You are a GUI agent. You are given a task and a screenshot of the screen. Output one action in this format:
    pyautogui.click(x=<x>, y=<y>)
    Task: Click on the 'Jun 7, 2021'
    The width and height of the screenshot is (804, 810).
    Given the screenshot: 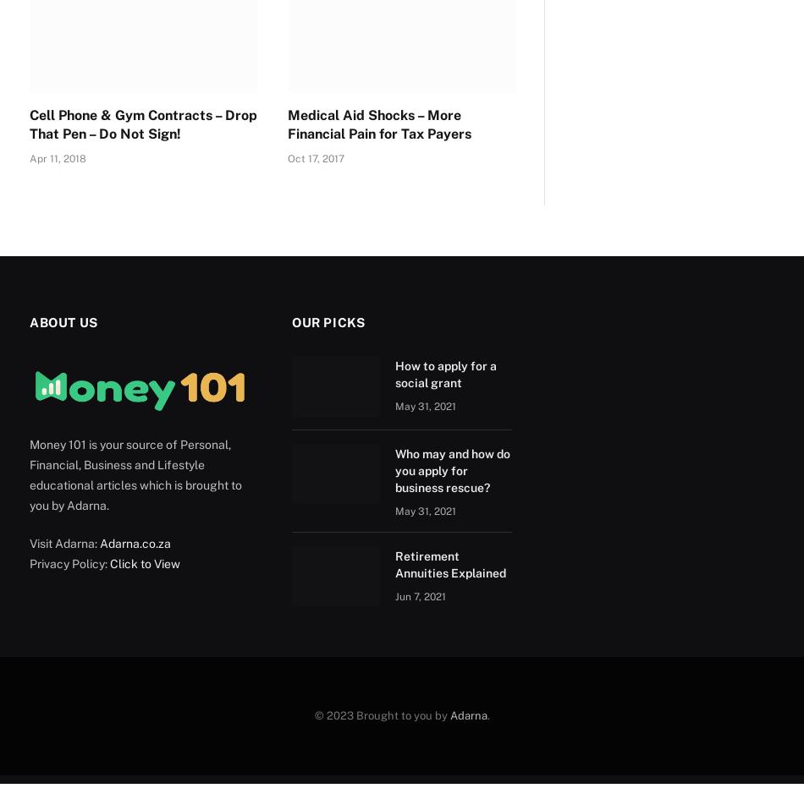 What is the action you would take?
    pyautogui.click(x=419, y=594)
    